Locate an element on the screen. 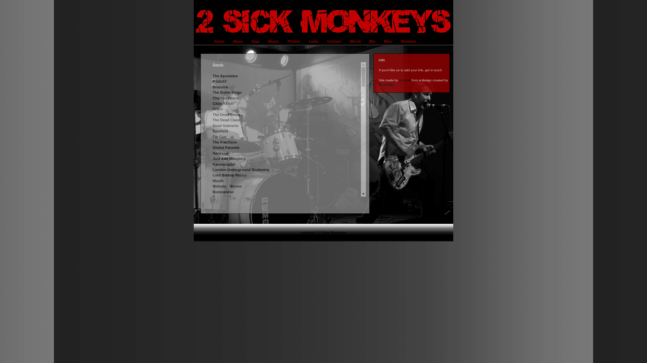  'N.Scott' is located at coordinates (399, 80).